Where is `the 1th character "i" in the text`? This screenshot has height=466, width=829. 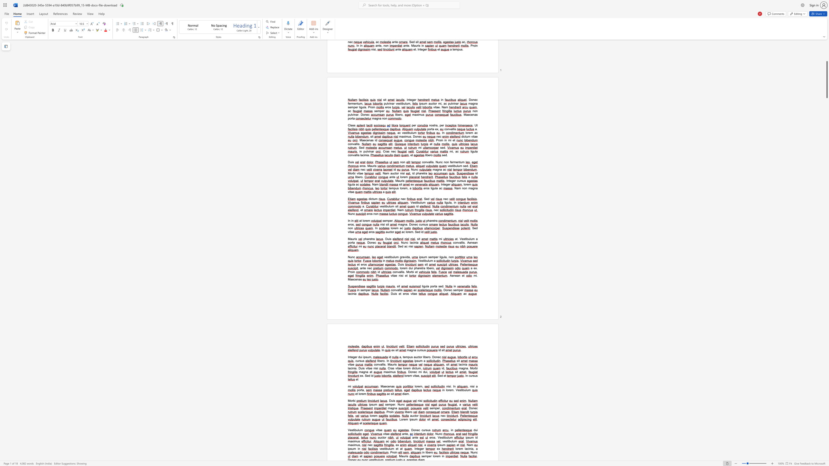
the 1th character "i" in the text is located at coordinates (390, 257).